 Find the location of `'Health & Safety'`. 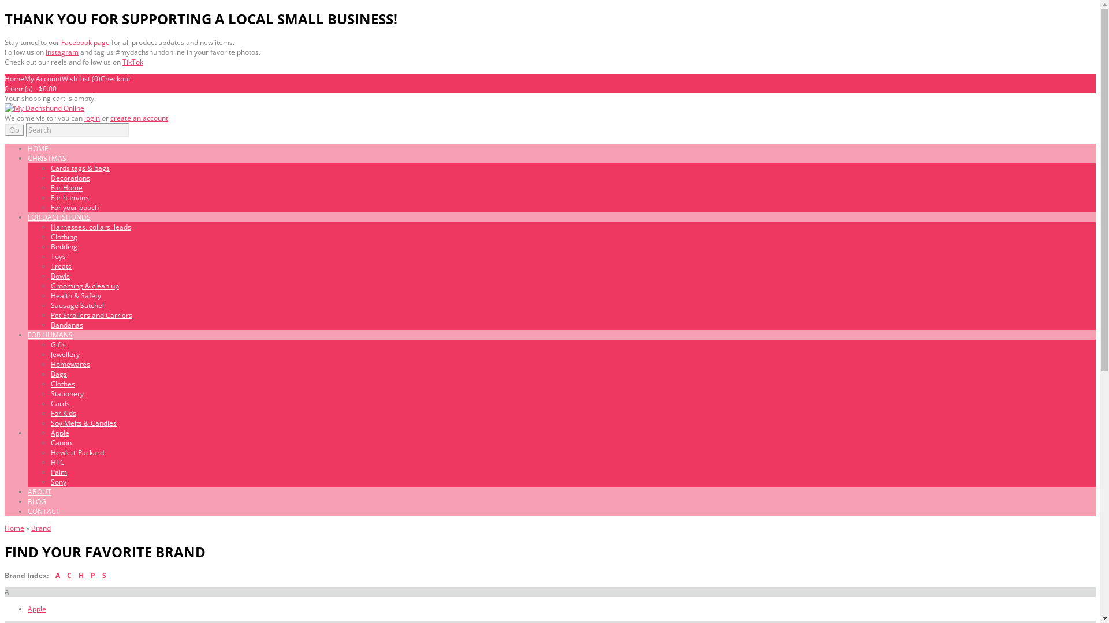

'Health & Safety' is located at coordinates (50, 295).